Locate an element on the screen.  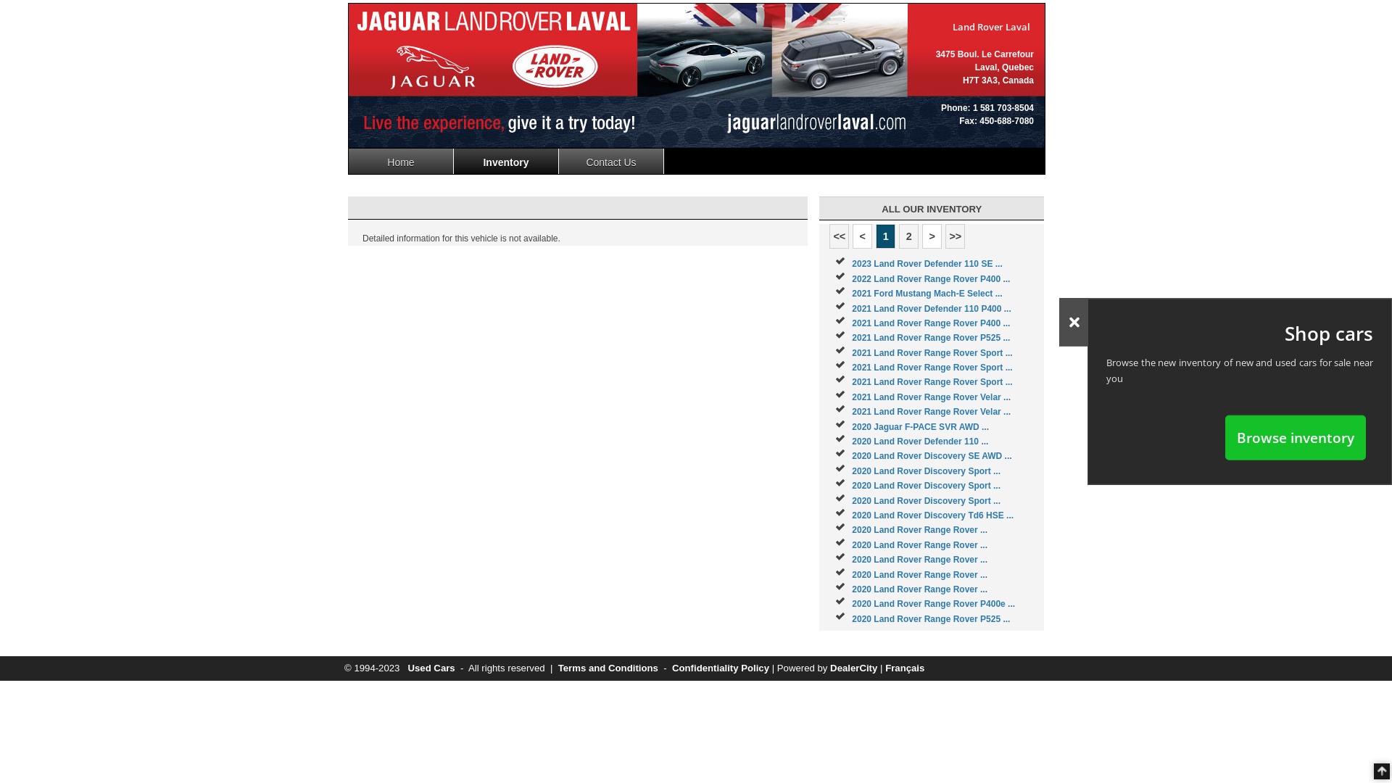
'Browse inventory' is located at coordinates (1295, 436).